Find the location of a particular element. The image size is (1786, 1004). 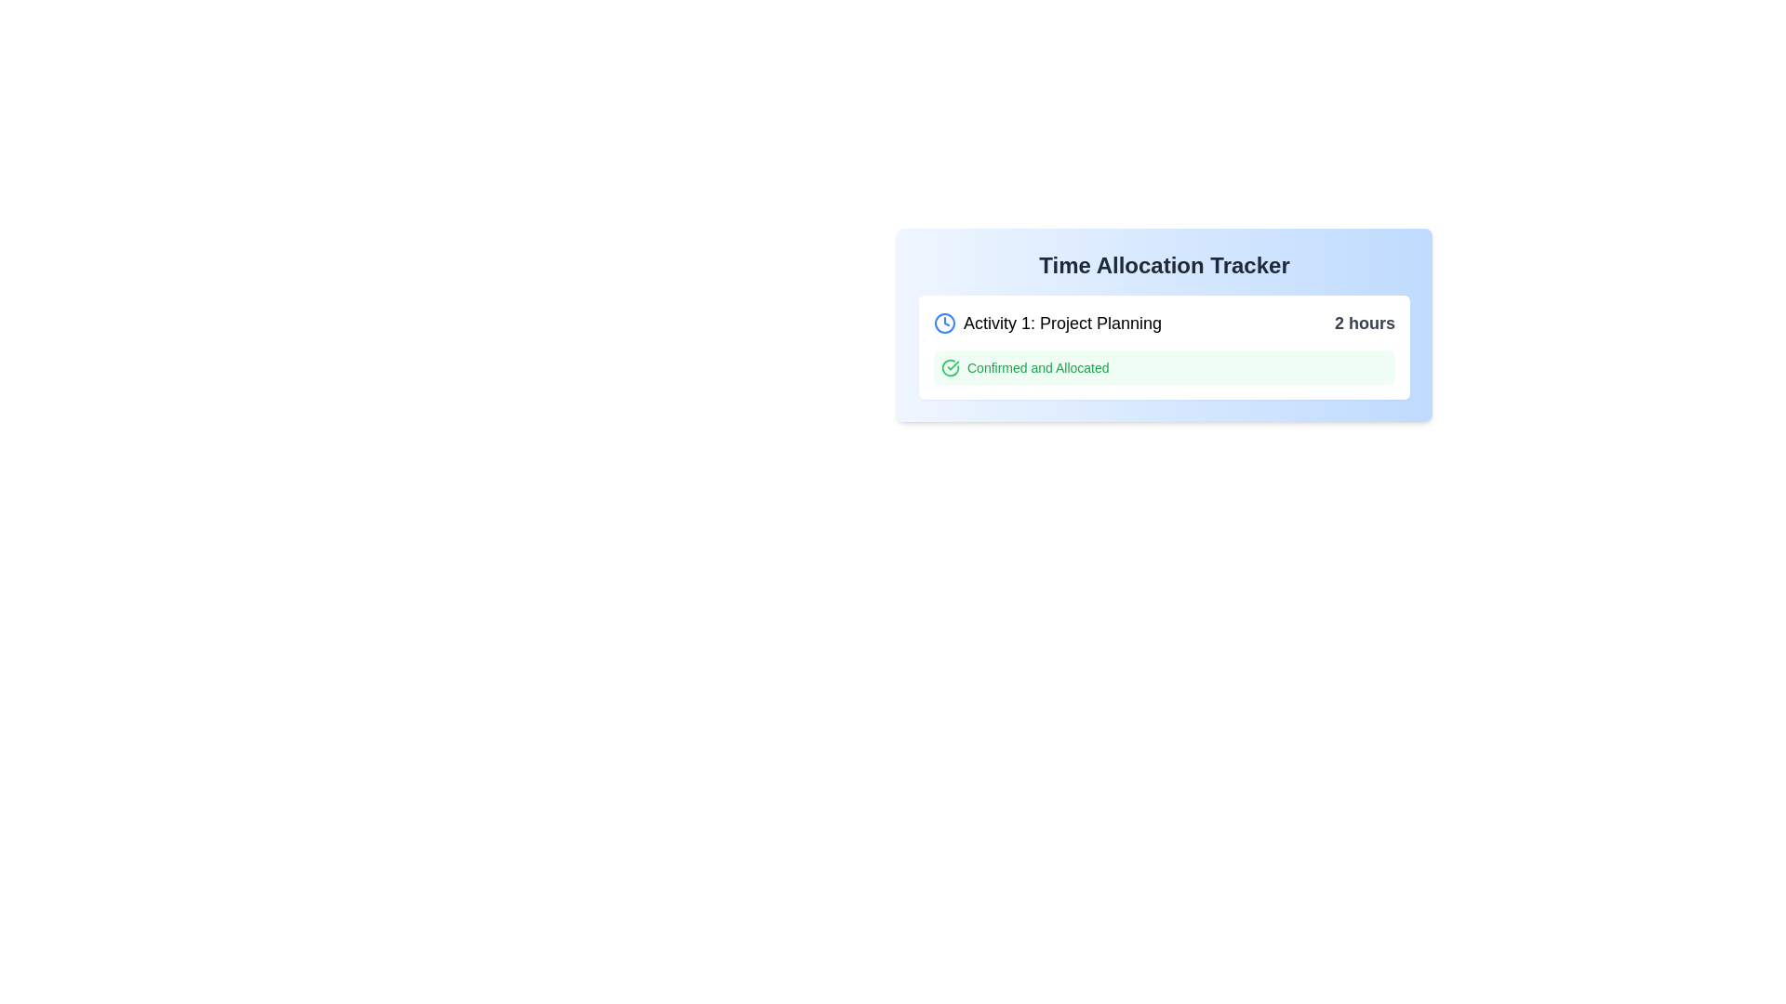

the informational label with a green check icon and the text 'Confirmed and Allocated', located below 'Activity 1: Project Planning' and '2 hours' is located at coordinates (1164, 368).